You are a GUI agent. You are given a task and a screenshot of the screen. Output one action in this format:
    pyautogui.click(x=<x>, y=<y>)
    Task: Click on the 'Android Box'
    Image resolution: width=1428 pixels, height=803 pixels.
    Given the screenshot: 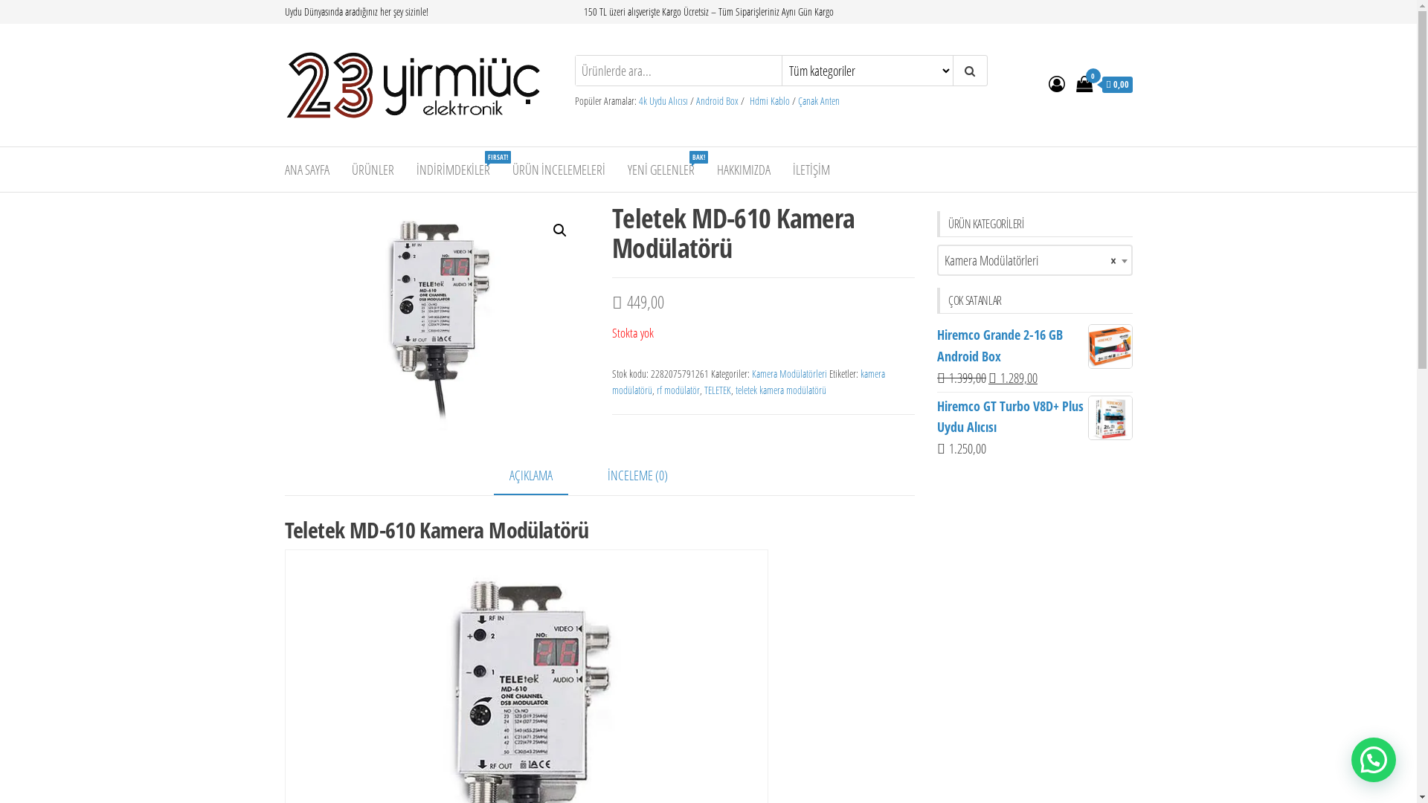 What is the action you would take?
    pyautogui.click(x=717, y=100)
    